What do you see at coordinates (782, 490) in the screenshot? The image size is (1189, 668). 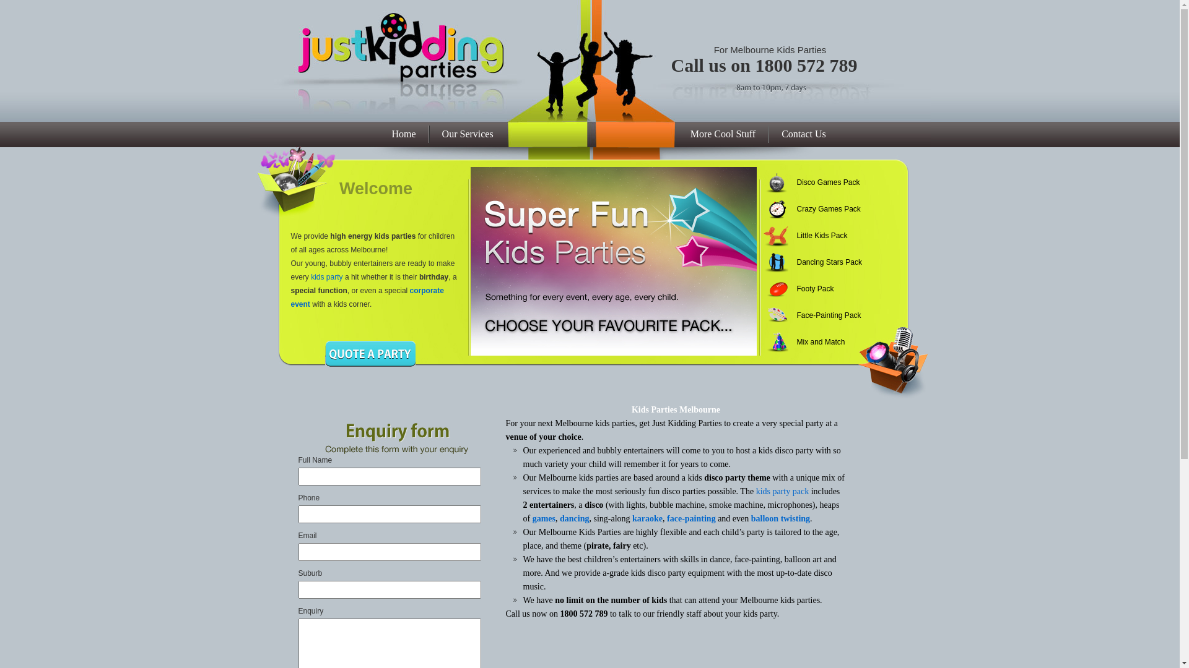 I see `'kids party pack'` at bounding box center [782, 490].